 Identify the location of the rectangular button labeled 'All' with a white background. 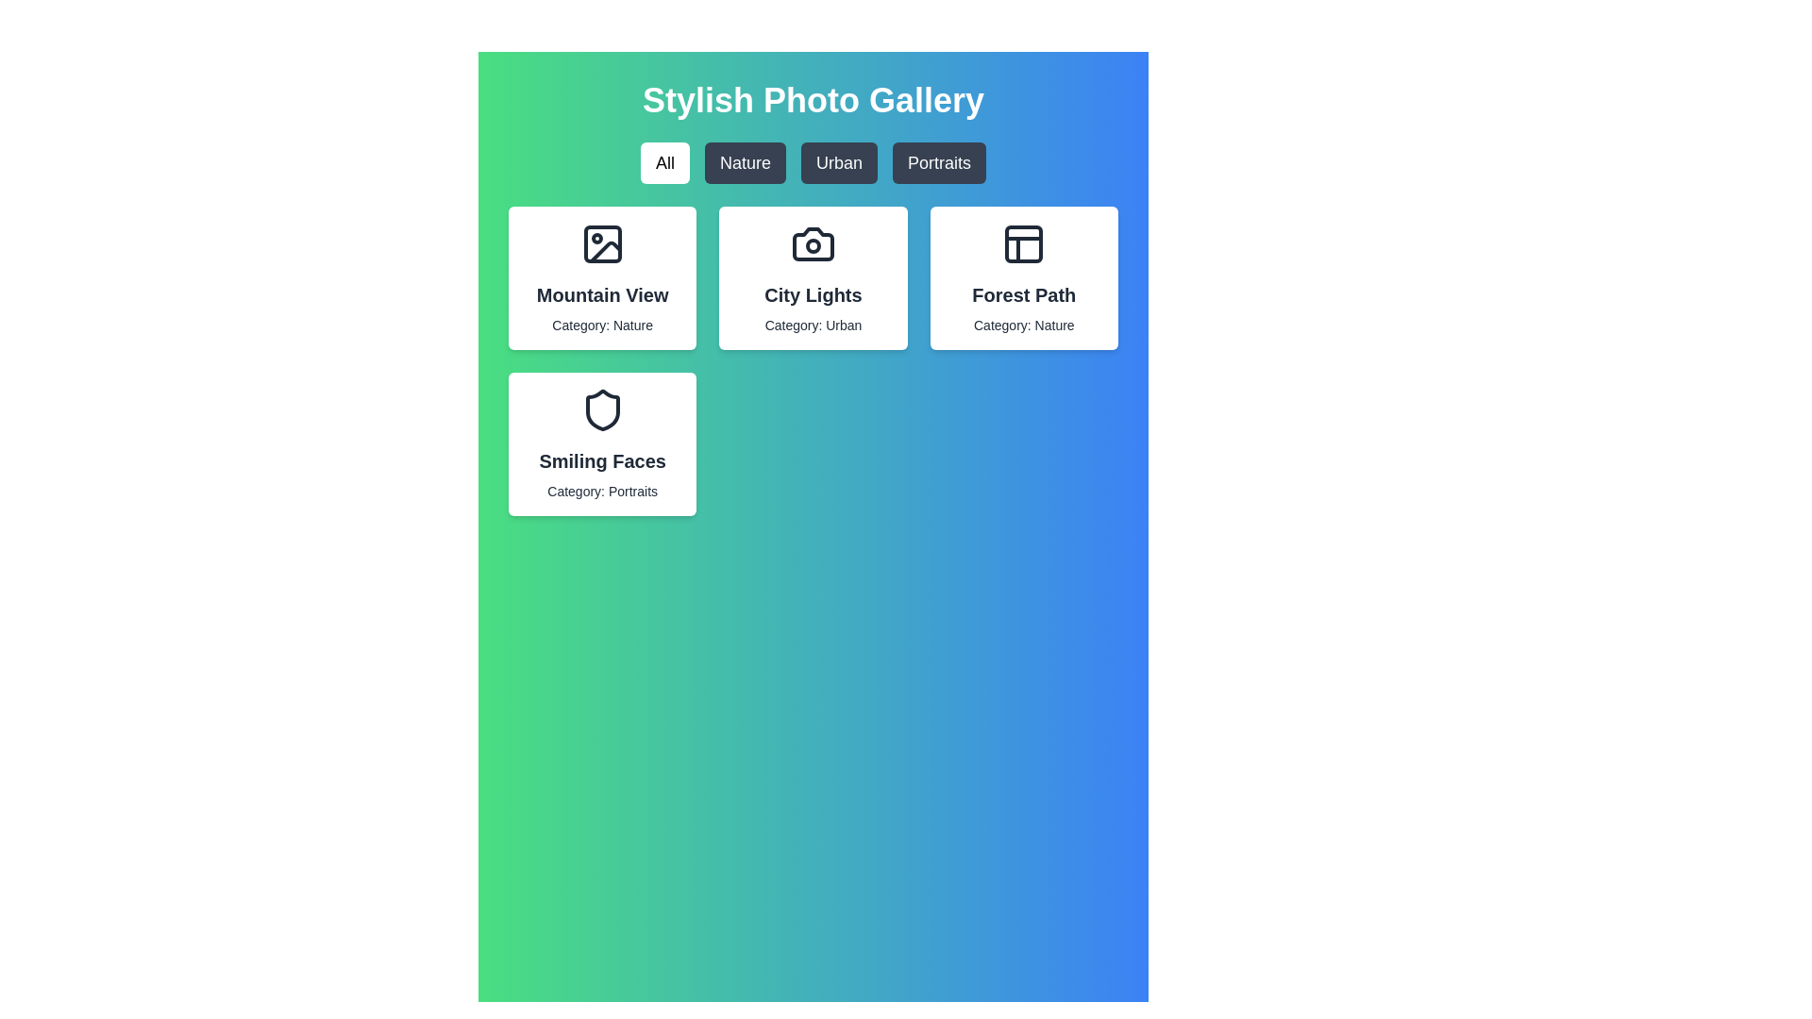
(665, 162).